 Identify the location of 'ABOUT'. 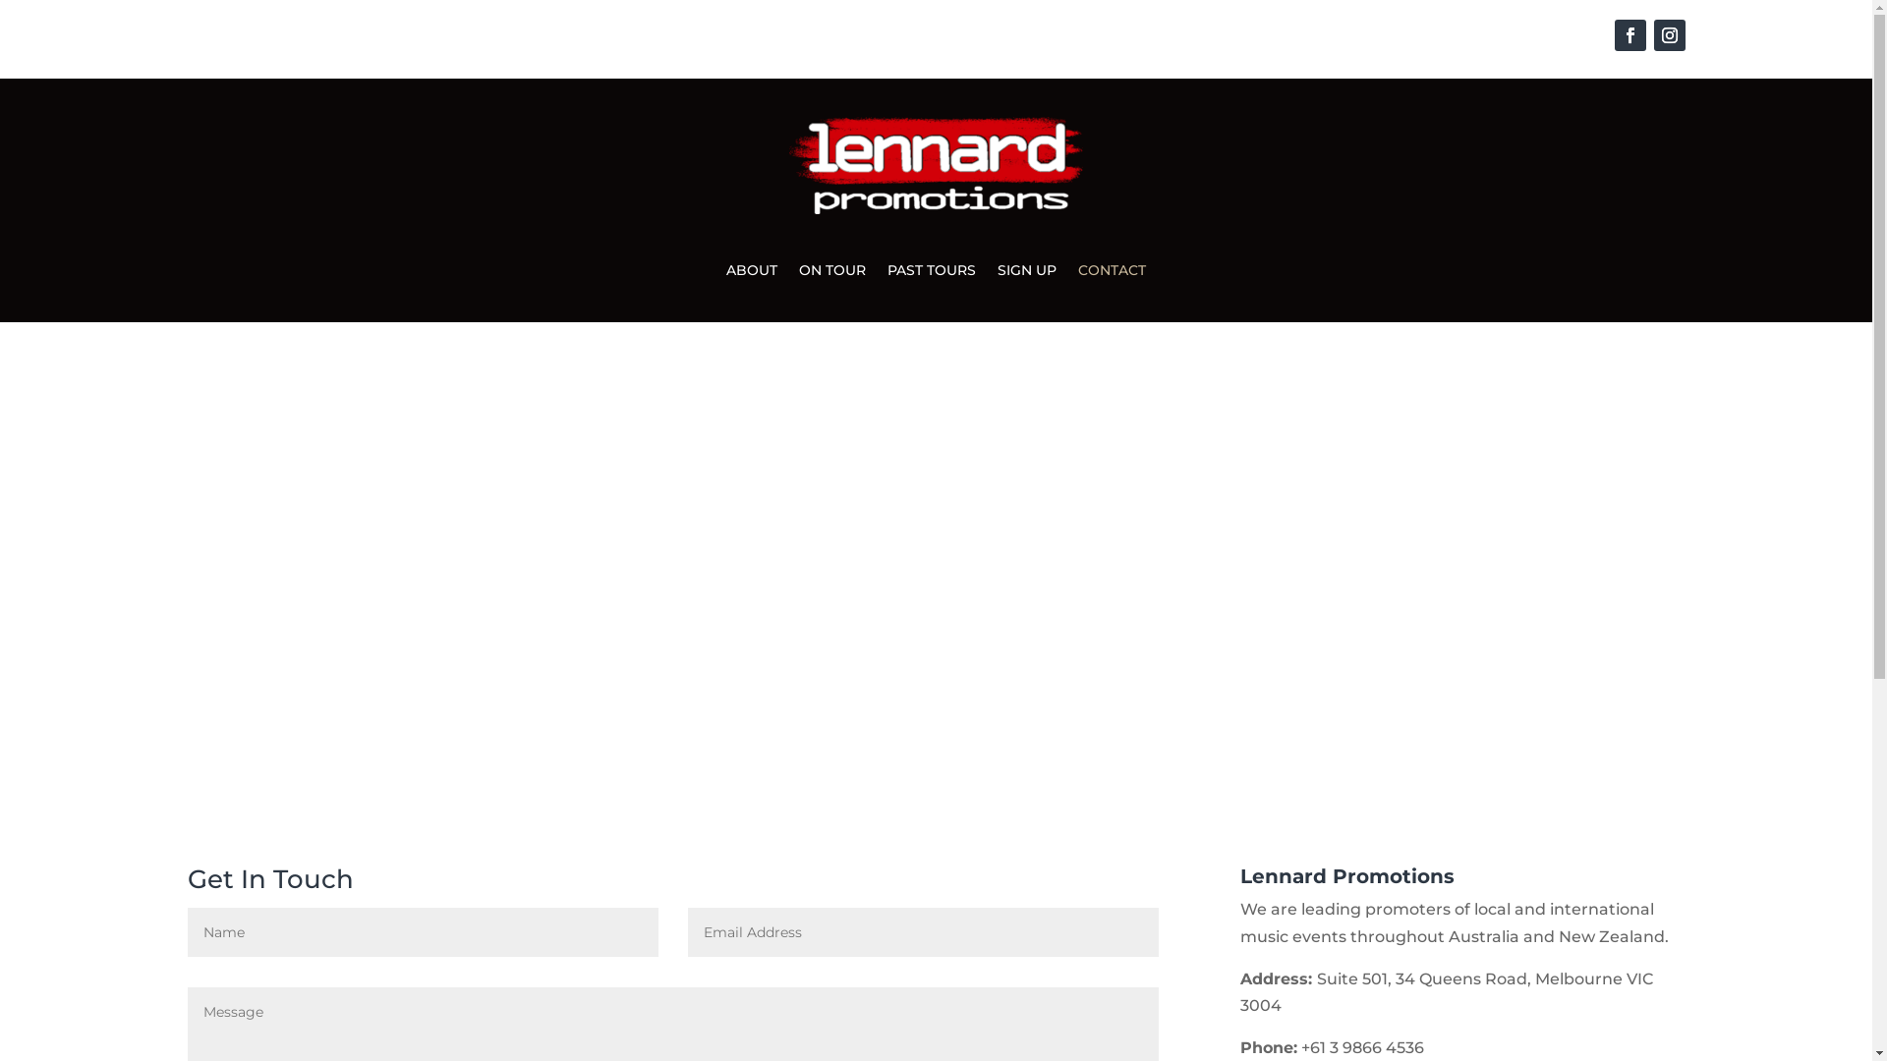
(750, 273).